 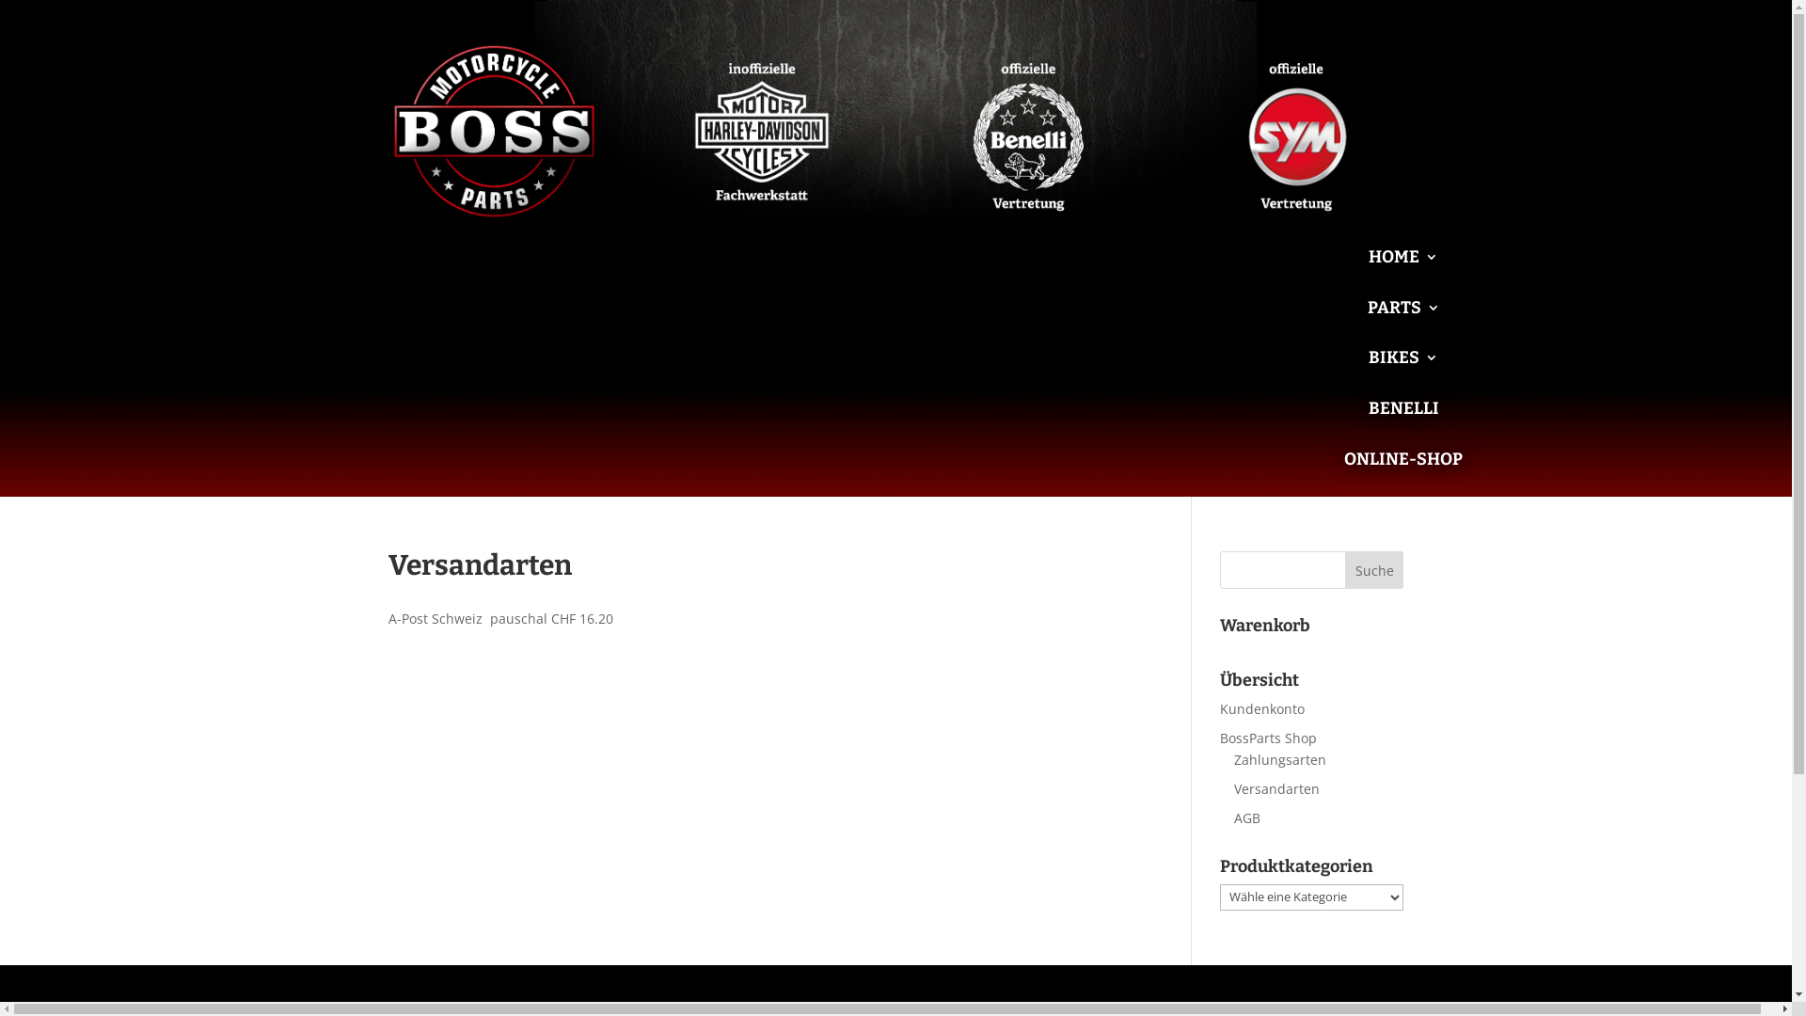 What do you see at coordinates (1403, 421) in the screenshot?
I see `'BENELLI'` at bounding box center [1403, 421].